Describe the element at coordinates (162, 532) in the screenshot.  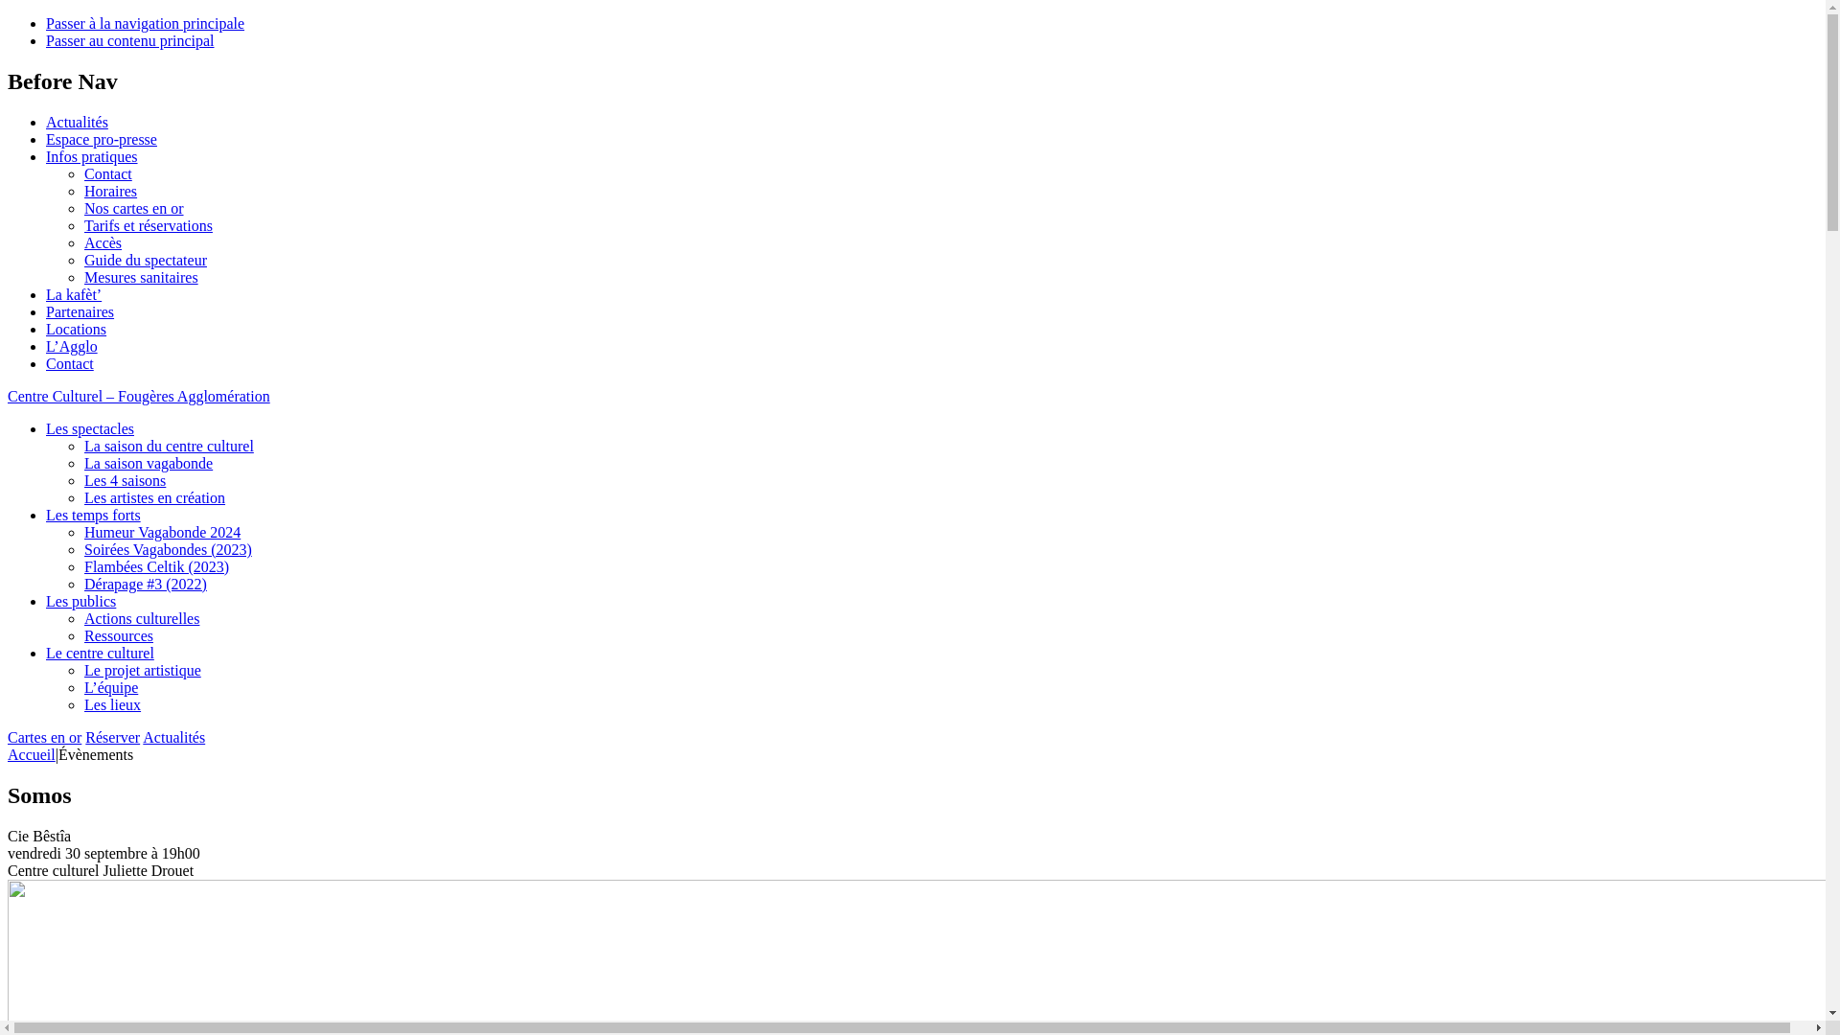
I see `'Humeur Vagabonde 2024'` at that location.